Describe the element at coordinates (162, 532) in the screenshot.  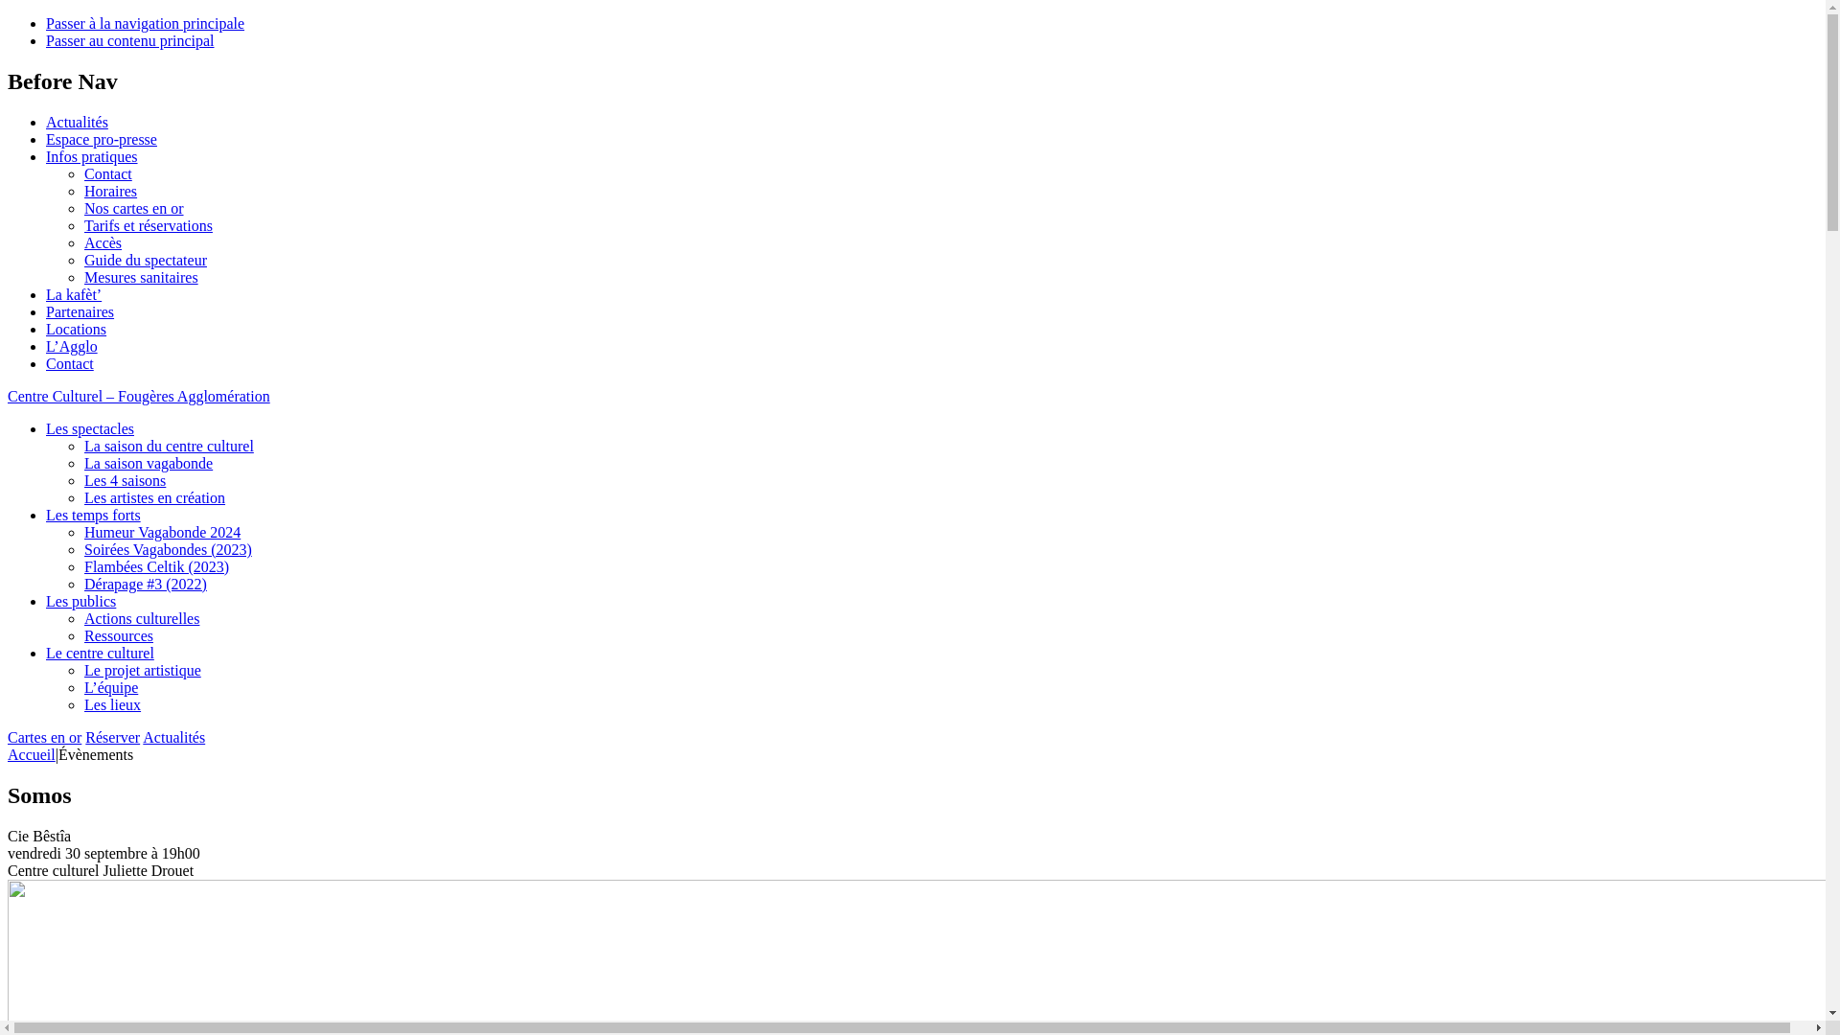
I see `'Humeur Vagabonde 2024'` at that location.